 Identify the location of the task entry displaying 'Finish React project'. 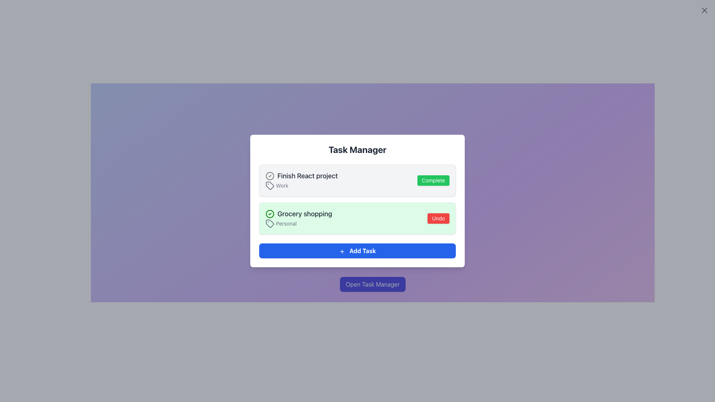
(302, 181).